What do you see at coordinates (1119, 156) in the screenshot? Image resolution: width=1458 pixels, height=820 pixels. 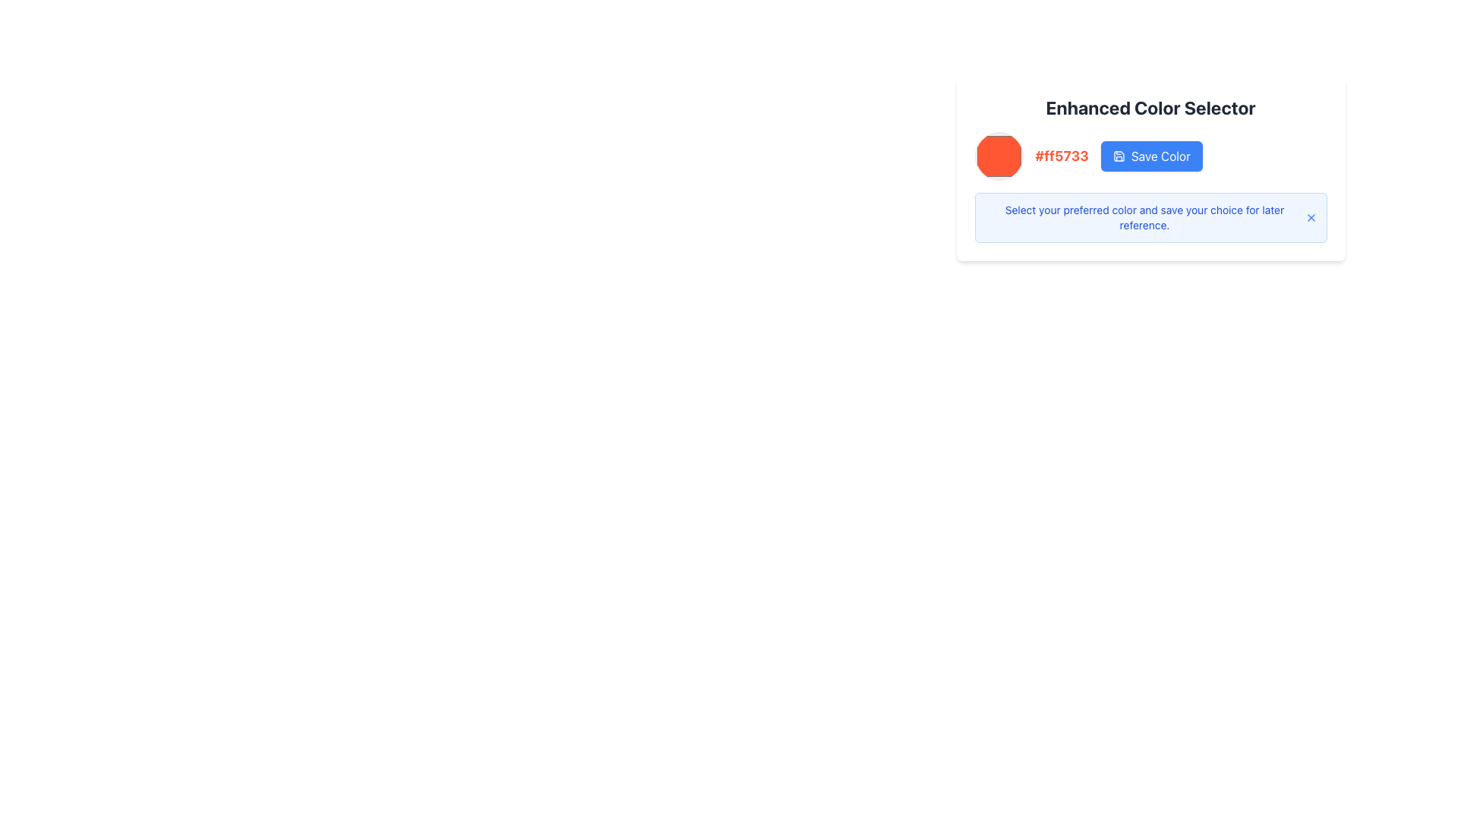 I see `the save icon, which is a simplified outline of a floppy disk, located immediately to the left of the 'Save Color' text` at bounding box center [1119, 156].